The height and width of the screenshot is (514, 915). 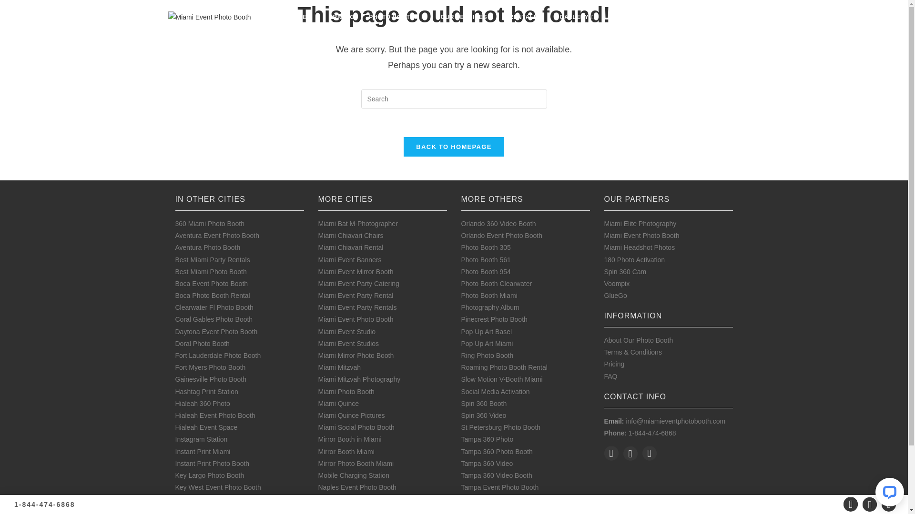 What do you see at coordinates (206, 427) in the screenshot?
I see `'Hialeah Event Space'` at bounding box center [206, 427].